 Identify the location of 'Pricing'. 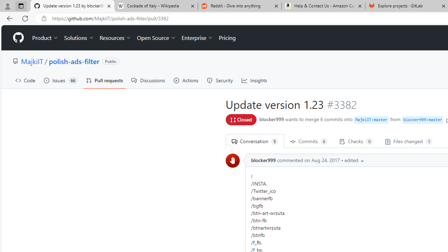
(227, 38).